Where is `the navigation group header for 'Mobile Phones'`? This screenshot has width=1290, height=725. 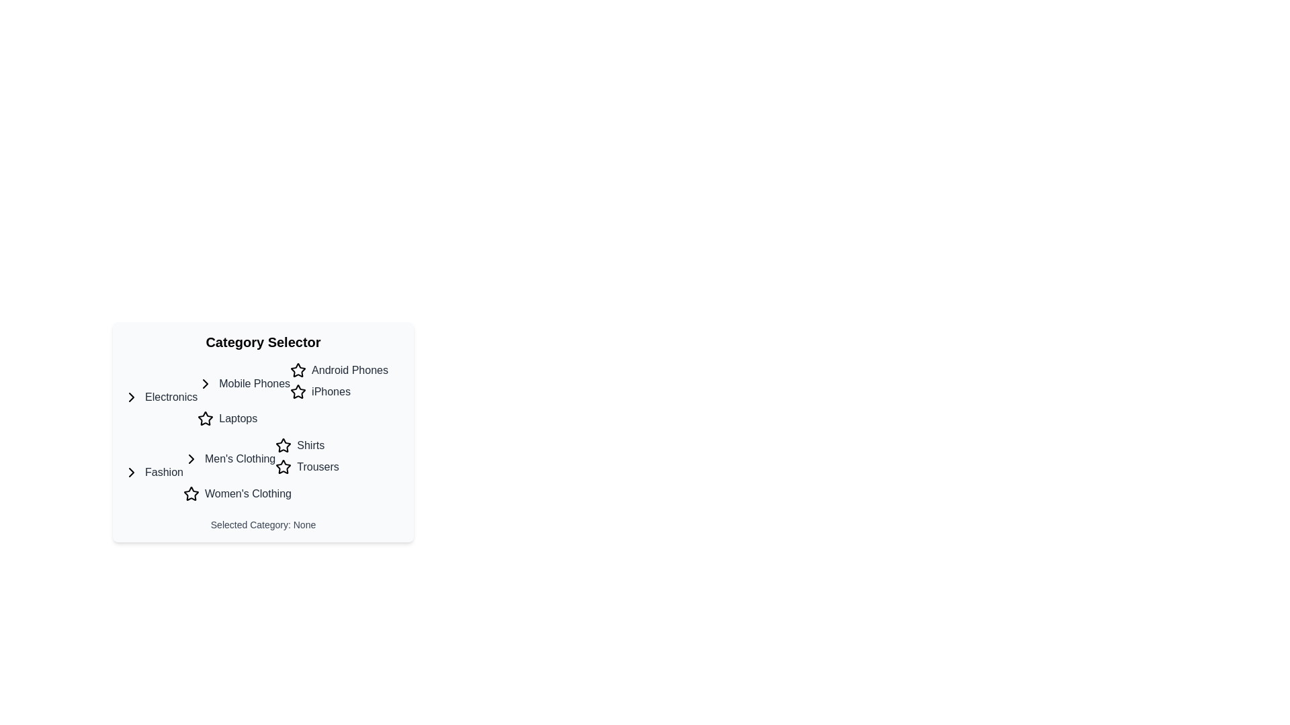
the navigation group header for 'Mobile Phones' is located at coordinates (292, 383).